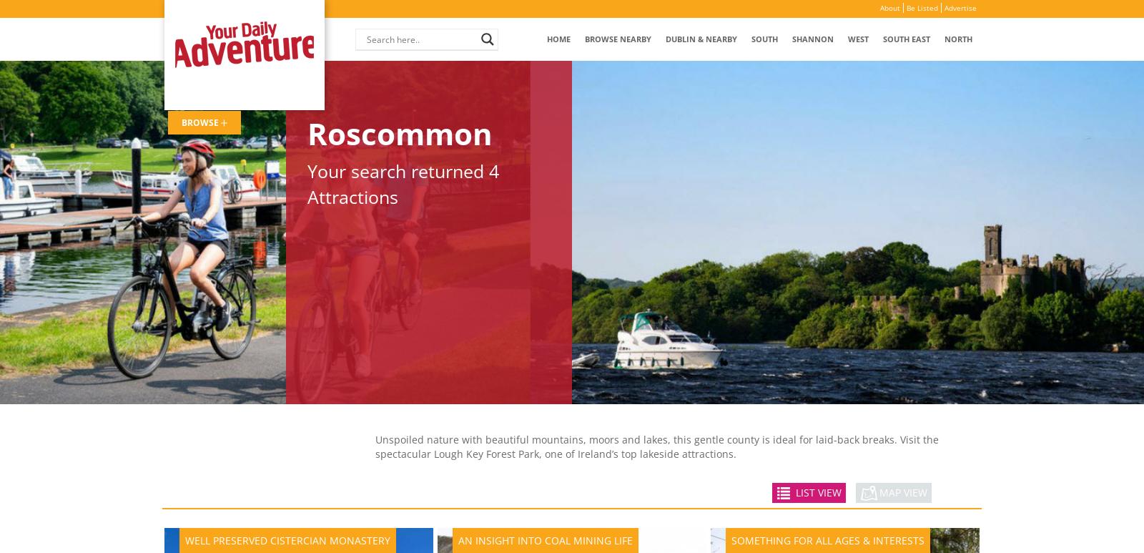 The image size is (1144, 553). Describe the element at coordinates (700, 38) in the screenshot. I see `'Dublin & Nearby'` at that location.